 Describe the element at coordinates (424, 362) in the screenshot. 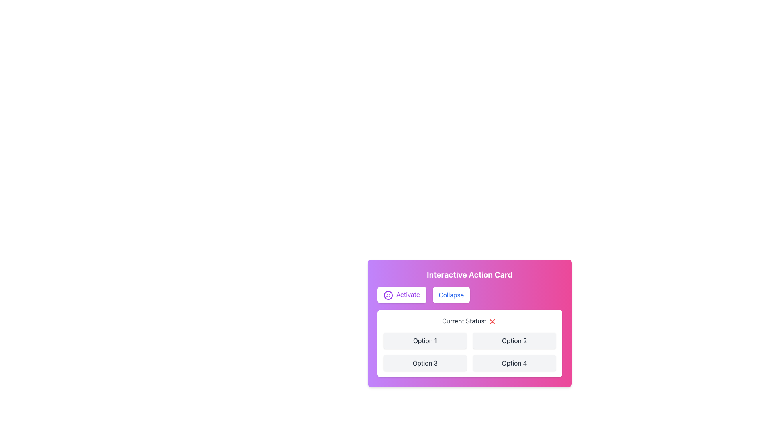

I see `the 'Option 3' button located in the lower-left slot of a 2x2 grid layout` at that location.